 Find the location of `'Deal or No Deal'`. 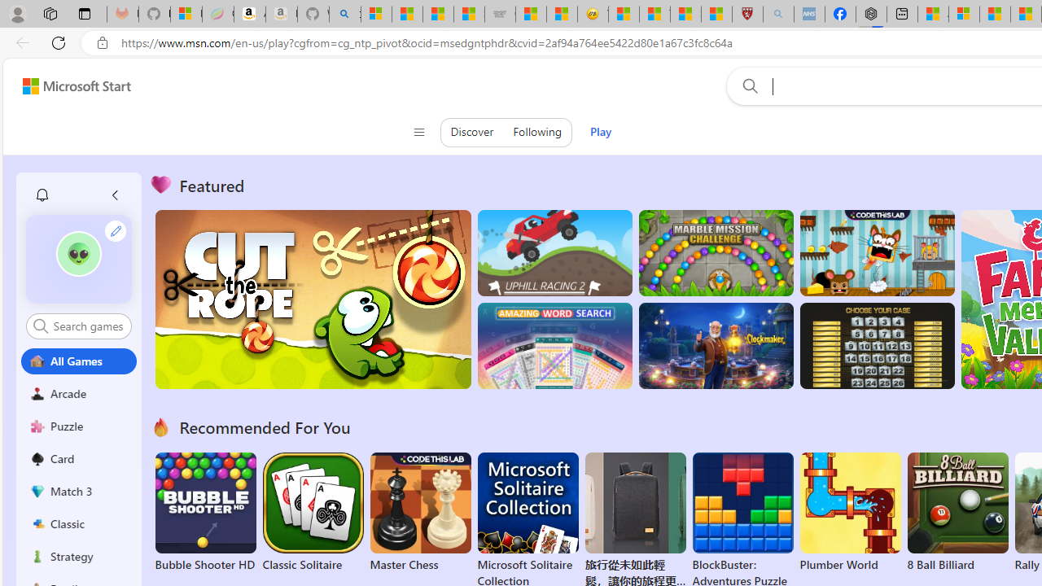

'Deal or No Deal' is located at coordinates (876, 345).